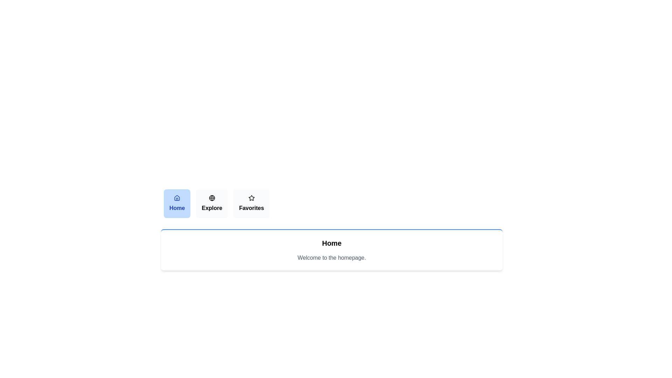 This screenshot has height=378, width=672. I want to click on the tab labeled Home to observe its visual feedback, so click(177, 204).